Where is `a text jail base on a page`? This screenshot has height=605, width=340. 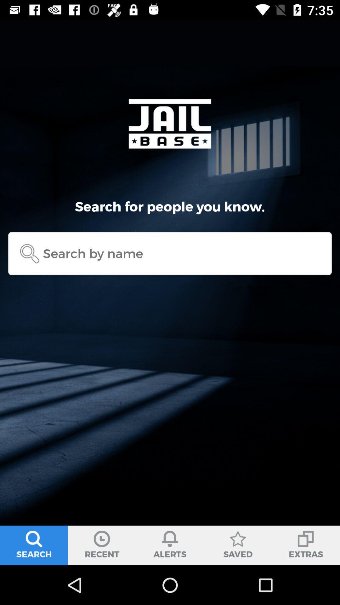 a text jail base on a page is located at coordinates (170, 124).